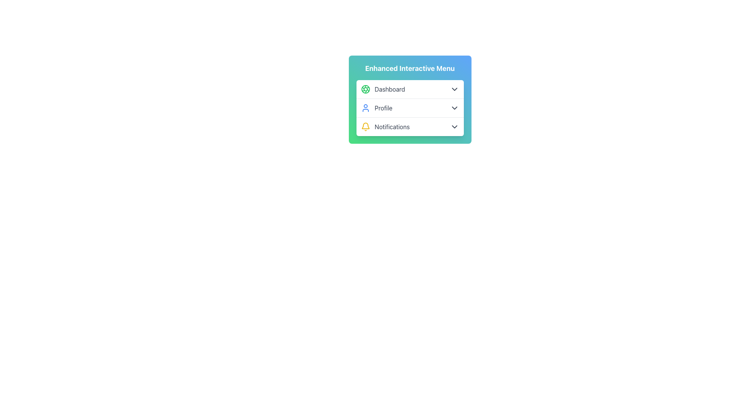 The image size is (736, 414). I want to click on the green circular icon resembling an aperture symbol located to the left of the text 'Dashboard' in the menu interface, so click(365, 89).